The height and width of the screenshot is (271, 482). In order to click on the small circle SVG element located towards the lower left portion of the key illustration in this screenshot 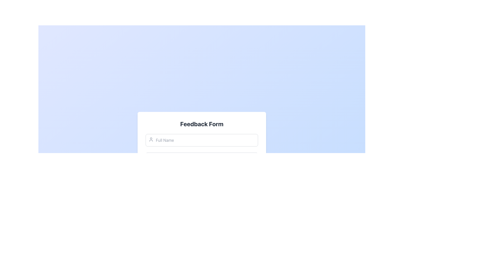, I will do `click(150, 177)`.